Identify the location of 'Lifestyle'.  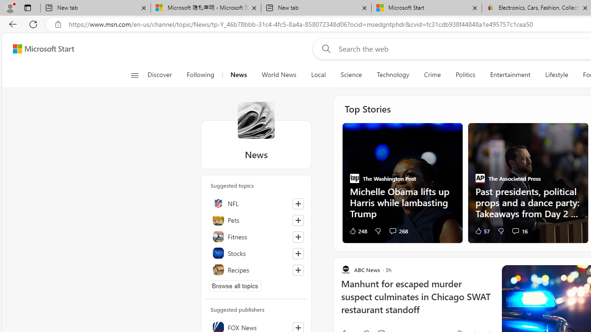
(556, 75).